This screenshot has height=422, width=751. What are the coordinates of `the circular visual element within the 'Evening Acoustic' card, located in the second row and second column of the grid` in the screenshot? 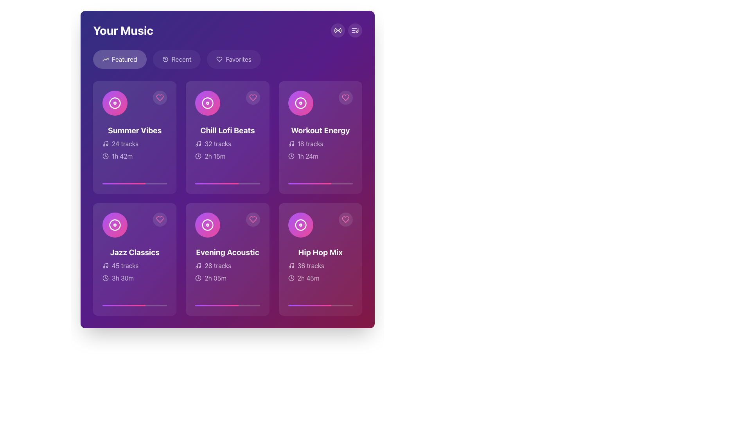 It's located at (208, 225).